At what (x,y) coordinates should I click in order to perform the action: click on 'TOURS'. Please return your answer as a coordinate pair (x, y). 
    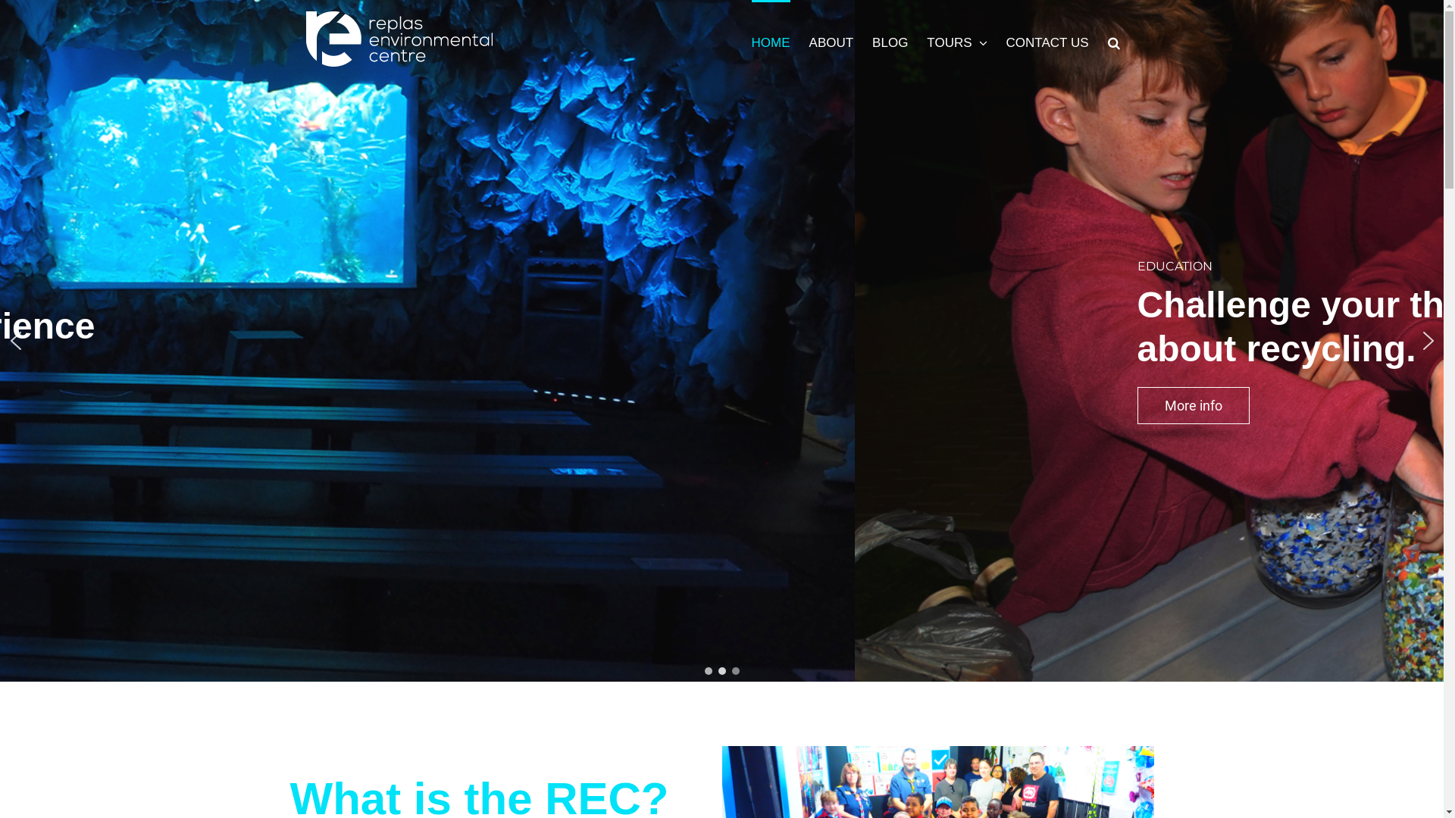
    Looking at the image, I should click on (956, 40).